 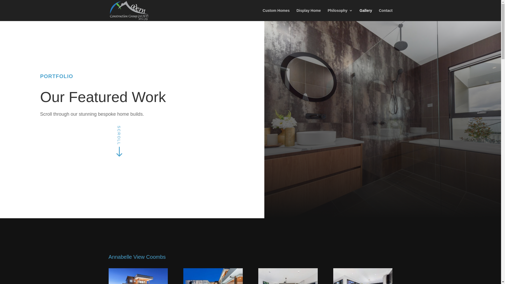 I want to click on 'Contact', so click(x=385, y=14).